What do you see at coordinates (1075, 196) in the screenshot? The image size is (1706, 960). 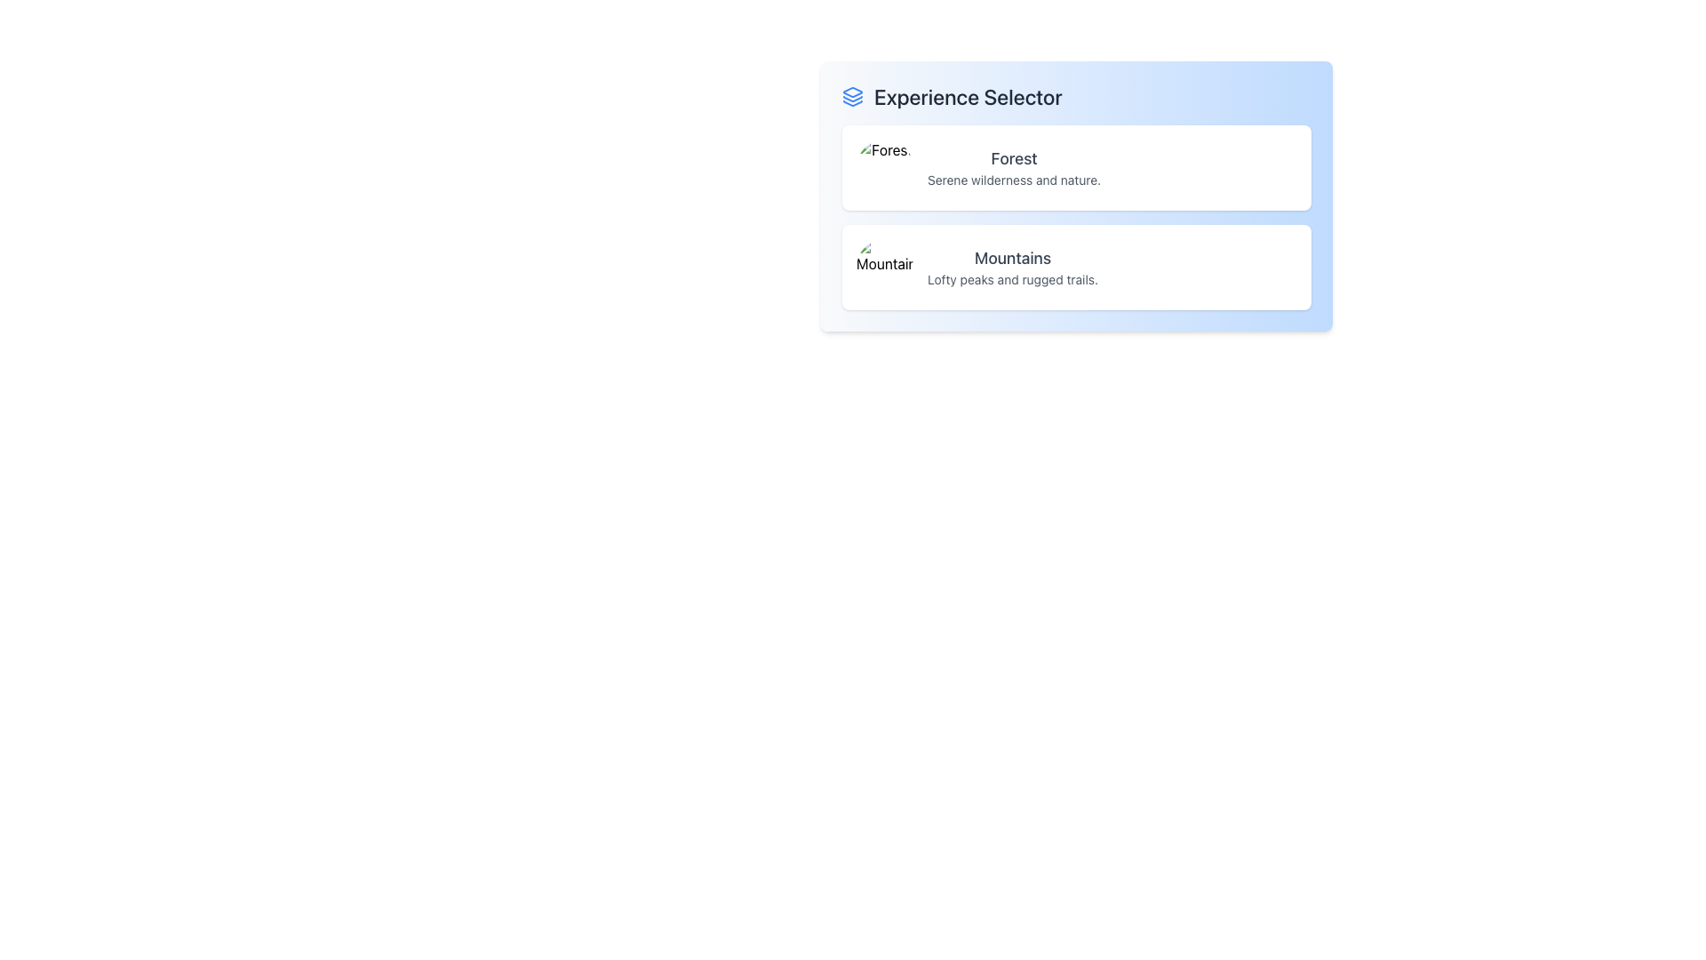 I see `the first Card component in the vertically stacked list that allows selection of experiences like 'Forest' and 'Mountains'` at bounding box center [1075, 196].